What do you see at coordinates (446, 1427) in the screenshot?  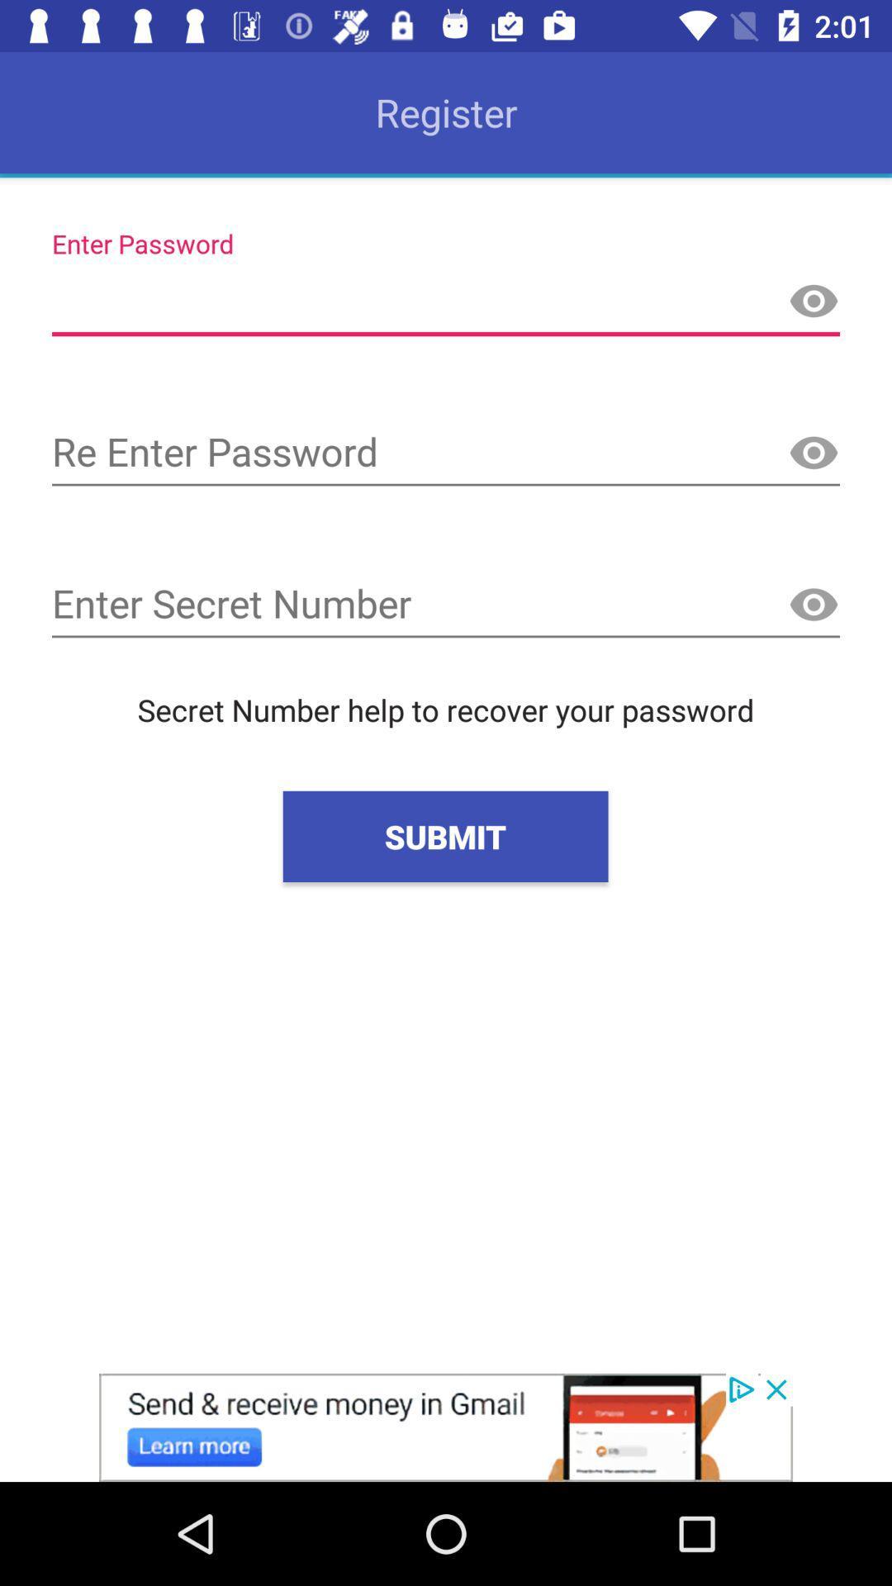 I see `open advertisement` at bounding box center [446, 1427].